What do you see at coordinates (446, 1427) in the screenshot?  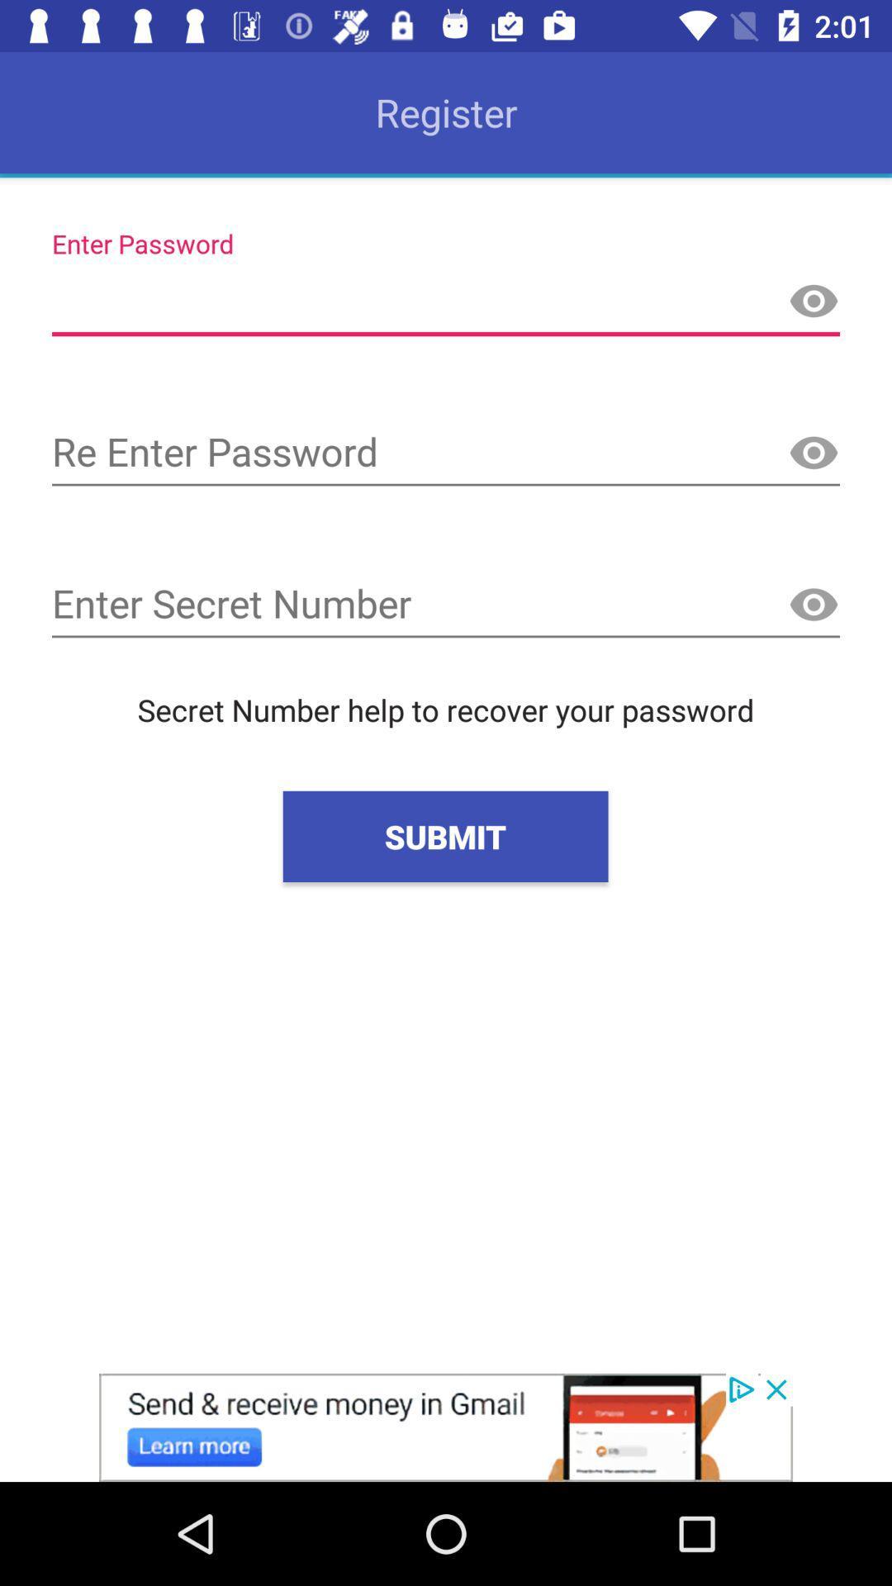 I see `open advertisement` at bounding box center [446, 1427].